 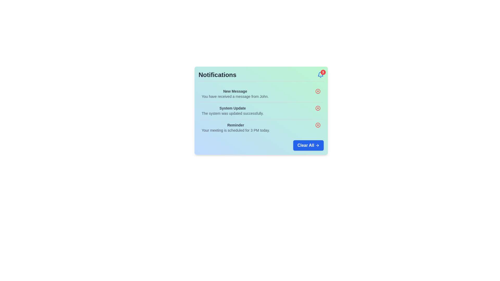 I want to click on 'System Update' text label, which is a bold, small-sized header in gray color located at the top of the second notification entry, so click(x=232, y=108).